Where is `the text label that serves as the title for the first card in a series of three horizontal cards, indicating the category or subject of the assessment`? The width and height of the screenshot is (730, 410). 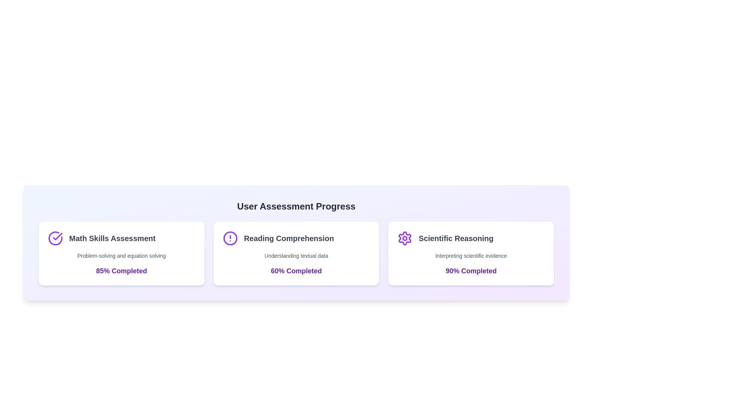 the text label that serves as the title for the first card in a series of three horizontal cards, indicating the category or subject of the assessment is located at coordinates (112, 238).